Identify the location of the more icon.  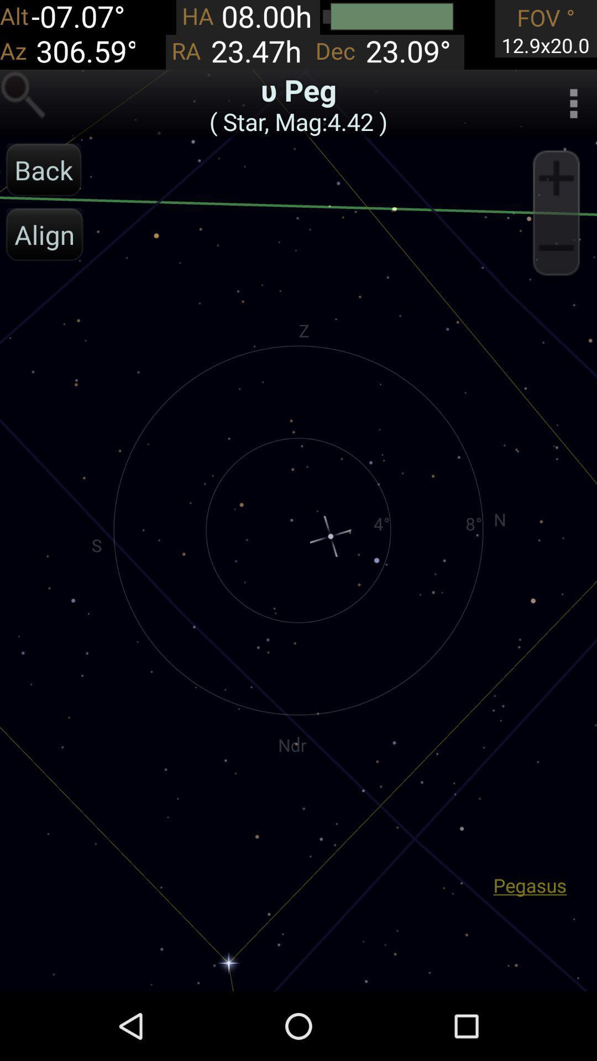
(573, 111).